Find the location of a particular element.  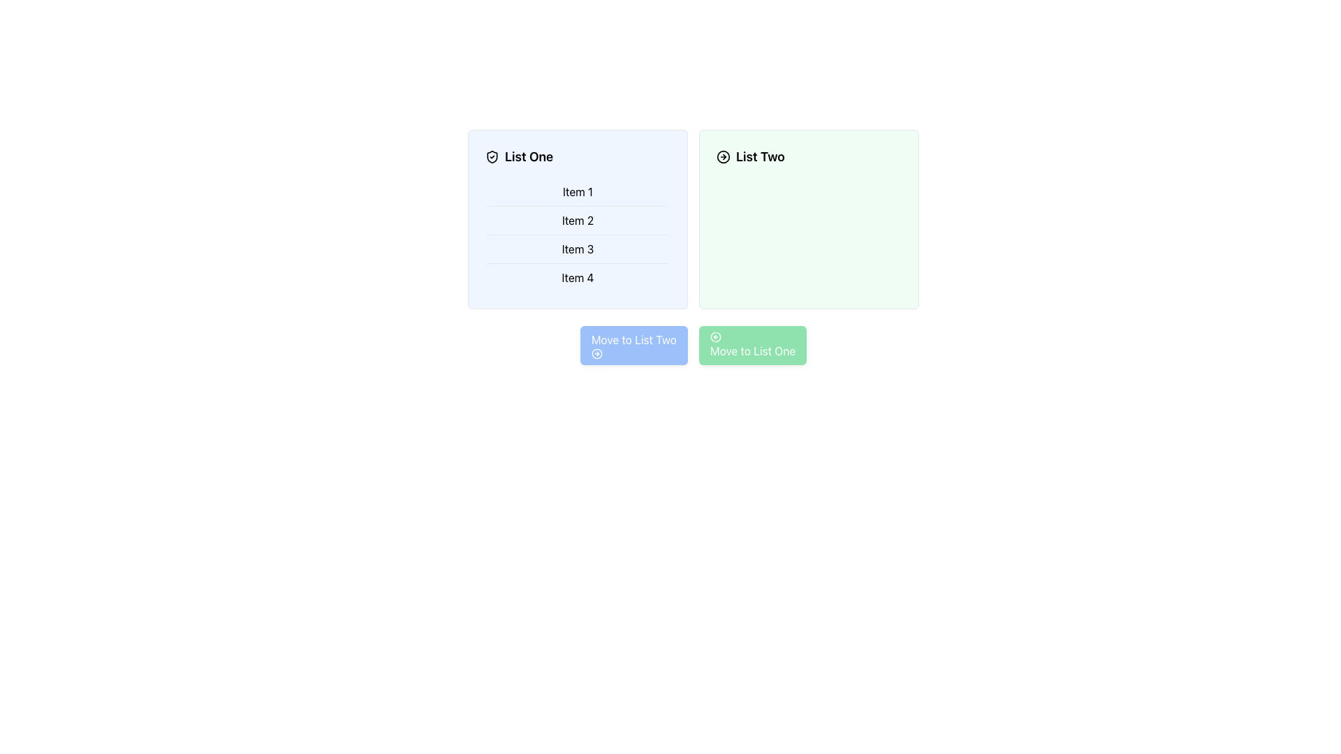

the third item in 'List One', which is labeled 'Item 3' is located at coordinates (578, 248).